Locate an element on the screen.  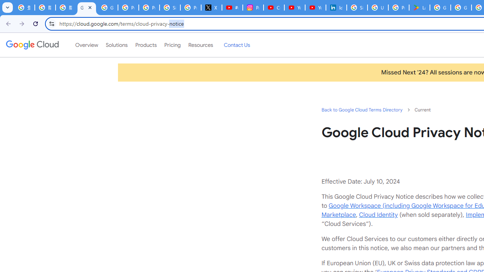
'Contact Us' is located at coordinates (236, 45).